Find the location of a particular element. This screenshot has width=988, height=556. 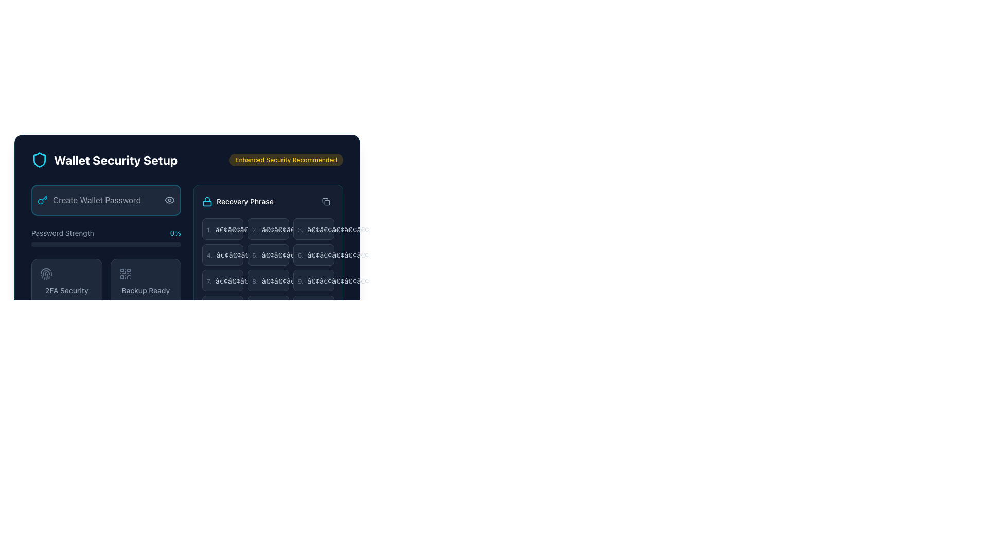

the label 'Wallet Security Setup' which consists of a cyan shield icon and bold white text for additional information is located at coordinates (104, 160).